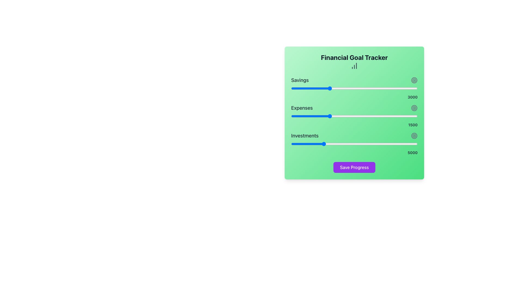 The image size is (523, 294). What do you see at coordinates (310, 143) in the screenshot?
I see `the 'Investments' slider` at bounding box center [310, 143].